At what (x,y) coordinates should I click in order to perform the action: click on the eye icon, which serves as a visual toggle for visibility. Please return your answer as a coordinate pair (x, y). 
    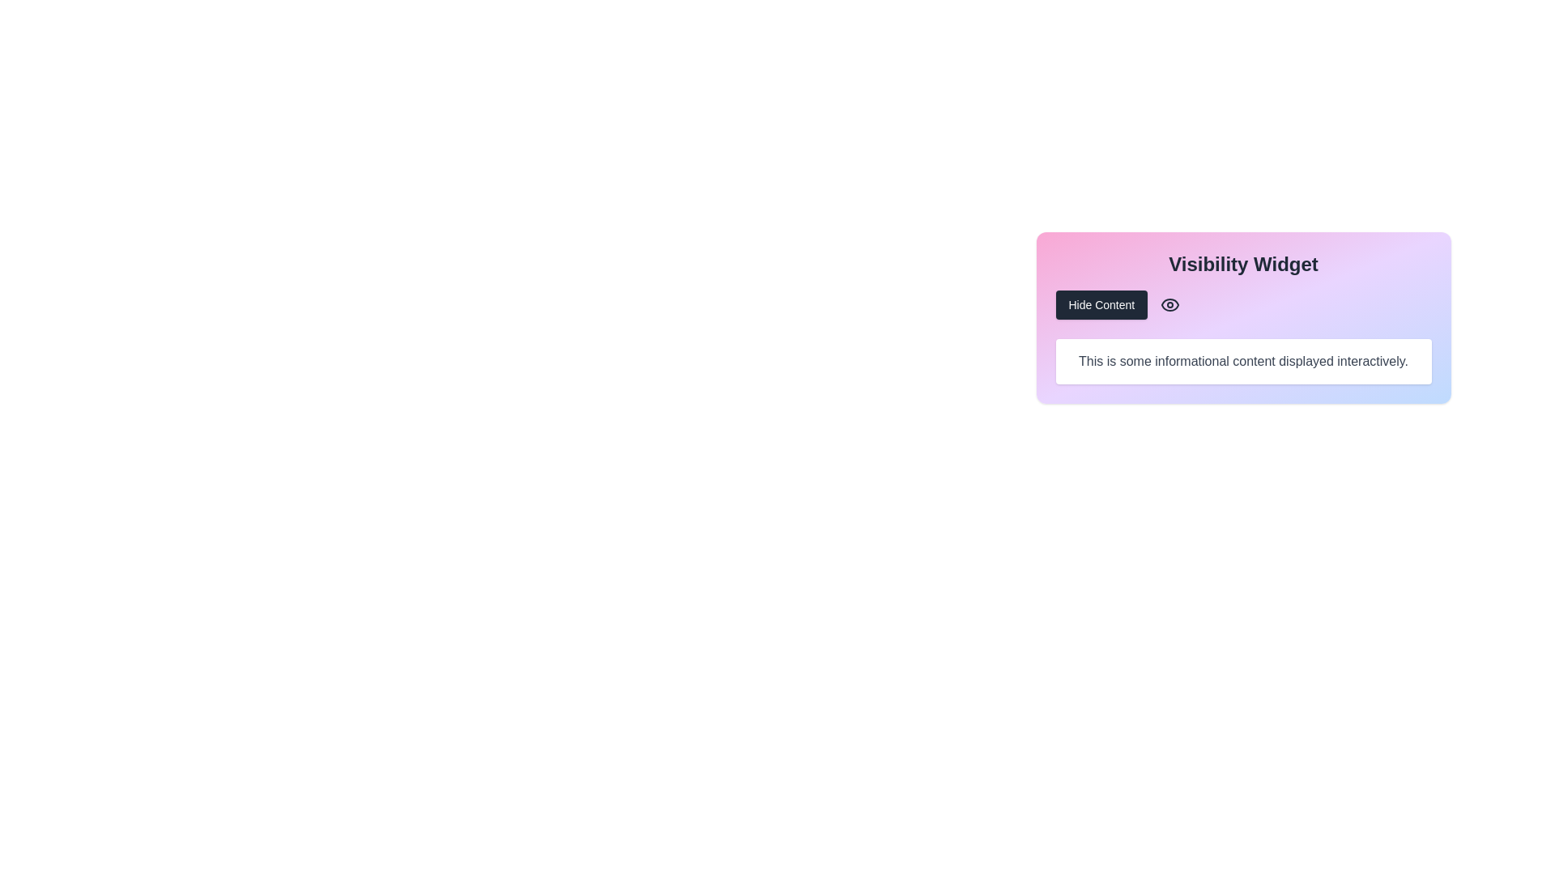
    Looking at the image, I should click on (1170, 305).